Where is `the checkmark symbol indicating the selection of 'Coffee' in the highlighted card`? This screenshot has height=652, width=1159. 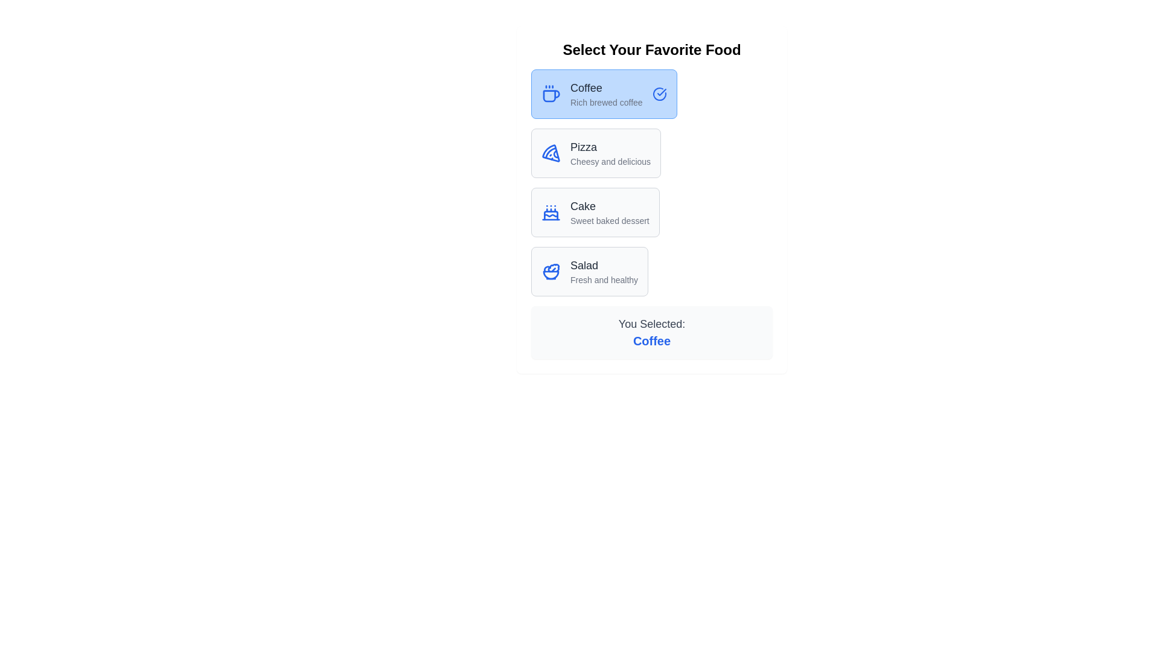
the checkmark symbol indicating the selection of 'Coffee' in the highlighted card is located at coordinates (661, 92).